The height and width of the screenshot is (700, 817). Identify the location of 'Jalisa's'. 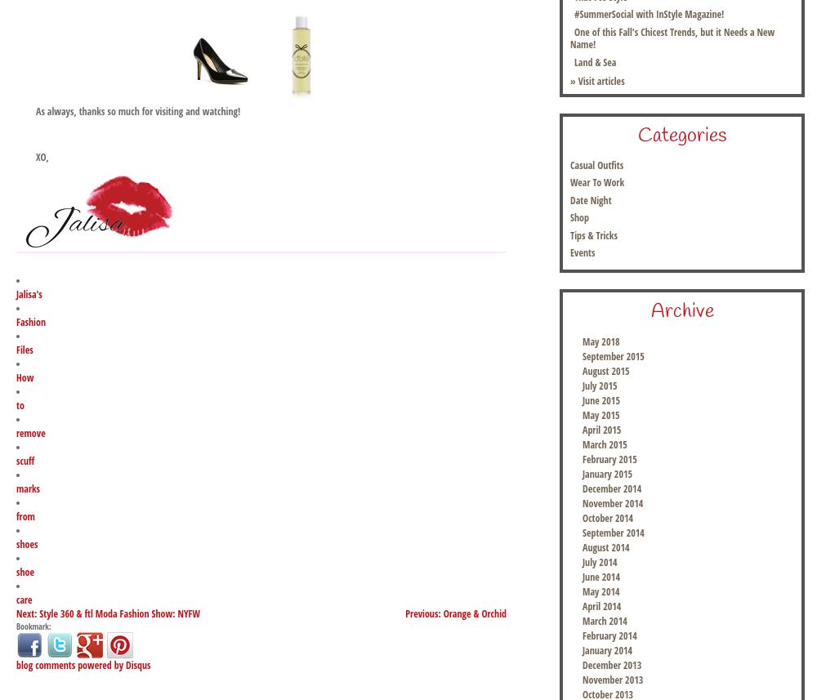
(29, 293).